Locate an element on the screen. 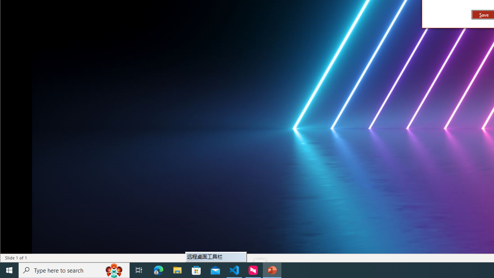 This screenshot has width=494, height=278. 'Microsoft Store' is located at coordinates (196, 270).